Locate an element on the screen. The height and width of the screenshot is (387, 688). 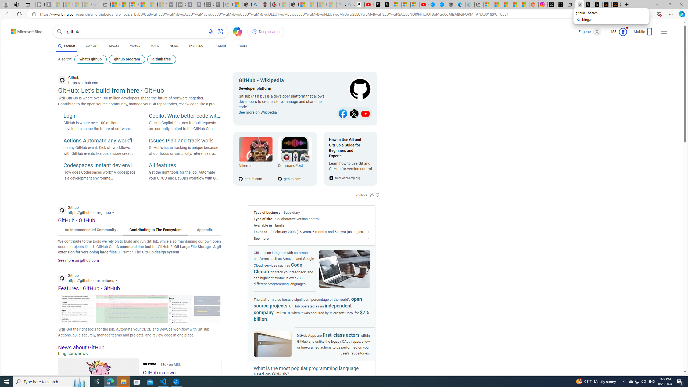
'Mobile' is located at coordinates (643, 33).